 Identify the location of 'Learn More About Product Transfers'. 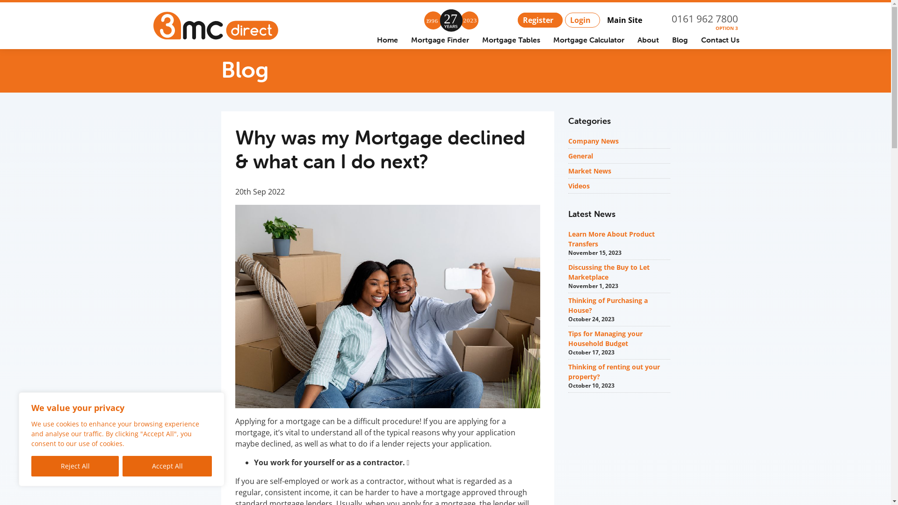
(611, 238).